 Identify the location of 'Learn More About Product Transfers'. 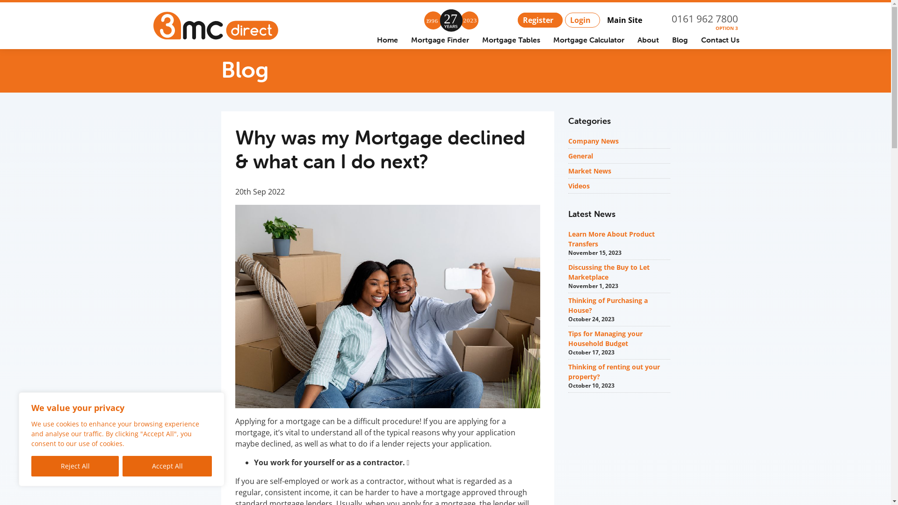
(611, 238).